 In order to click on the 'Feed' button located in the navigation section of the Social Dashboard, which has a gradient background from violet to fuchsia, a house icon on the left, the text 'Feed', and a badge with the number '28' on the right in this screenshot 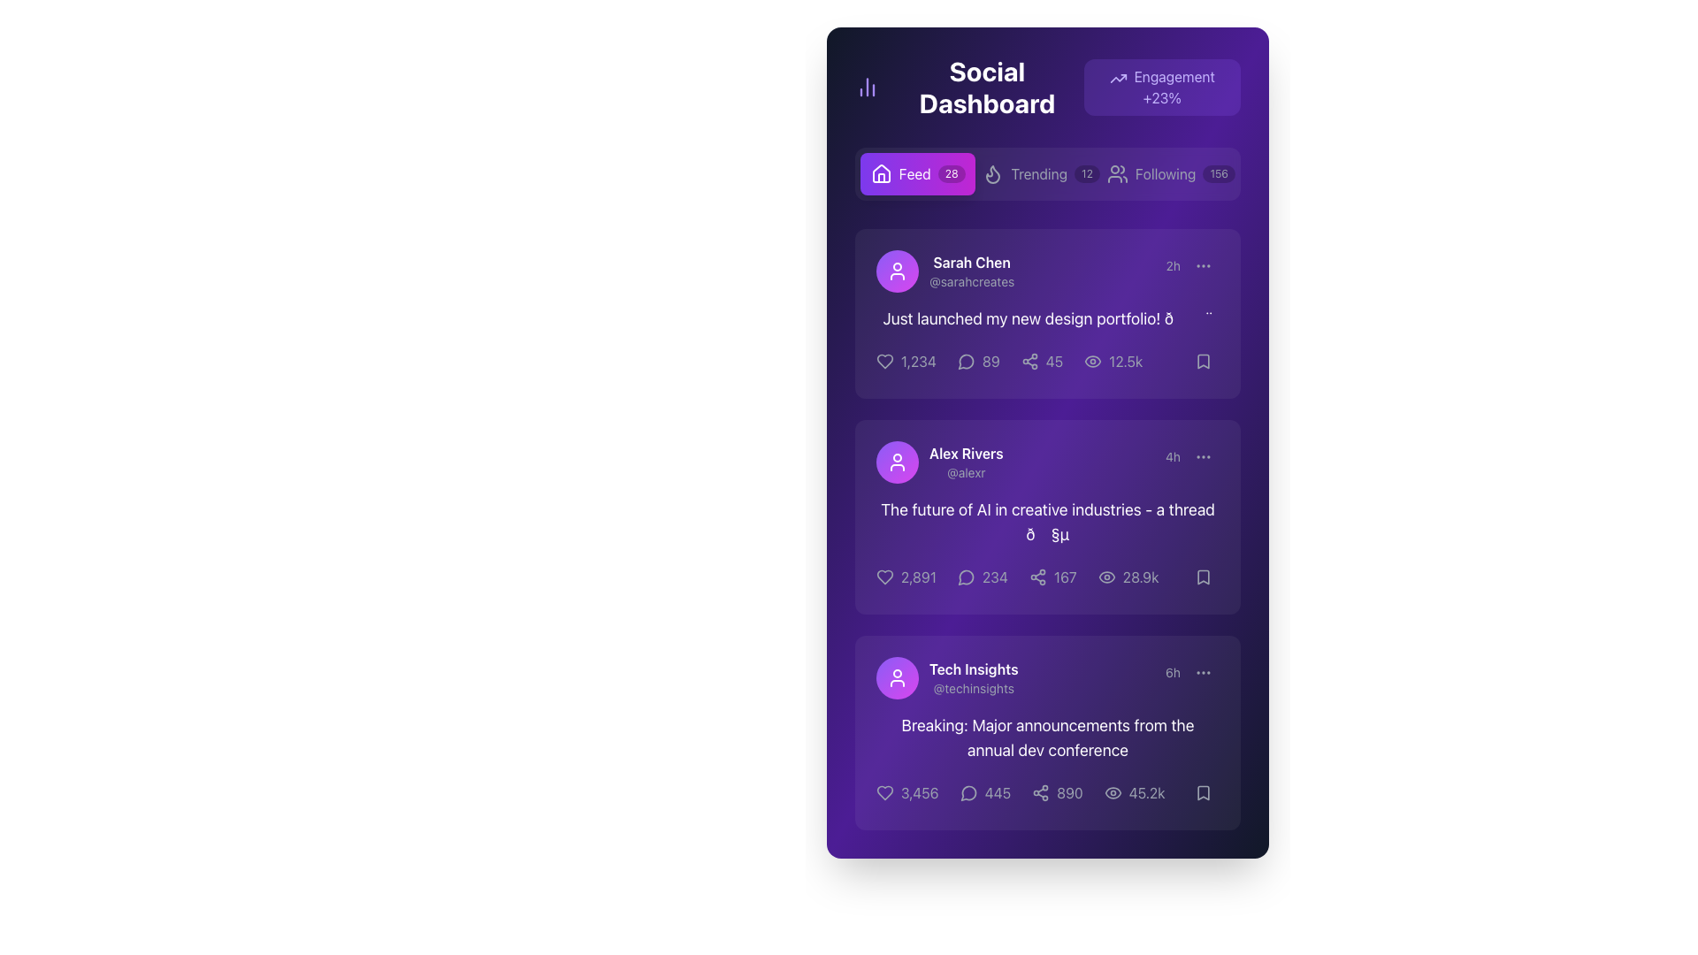, I will do `click(918, 173)`.